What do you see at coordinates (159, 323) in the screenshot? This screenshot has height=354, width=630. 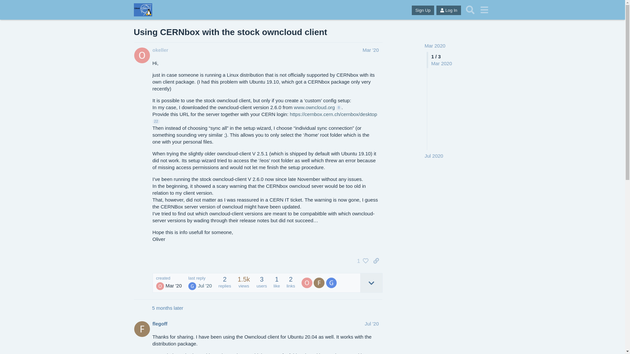 I see `'flegoff'` at bounding box center [159, 323].